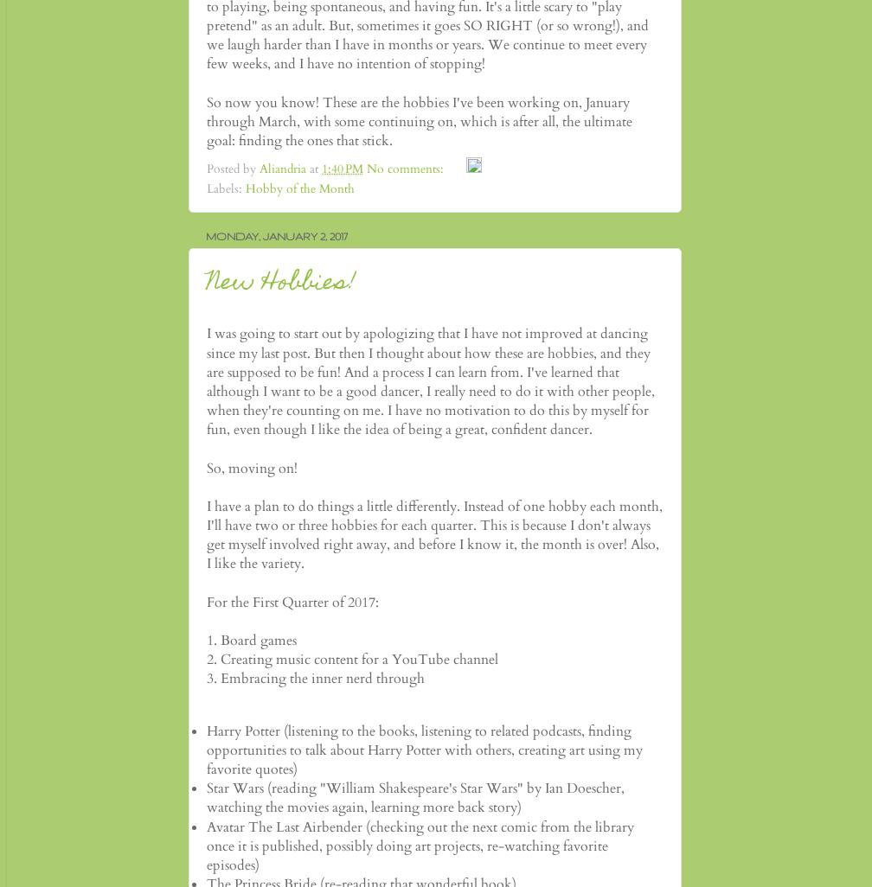  What do you see at coordinates (420, 121) in the screenshot?
I see `'So now you know! These are the hobbies I've been working on, January through March, with some continuing on, which is after all, the ultimate goal: finding the ones that stick.'` at bounding box center [420, 121].